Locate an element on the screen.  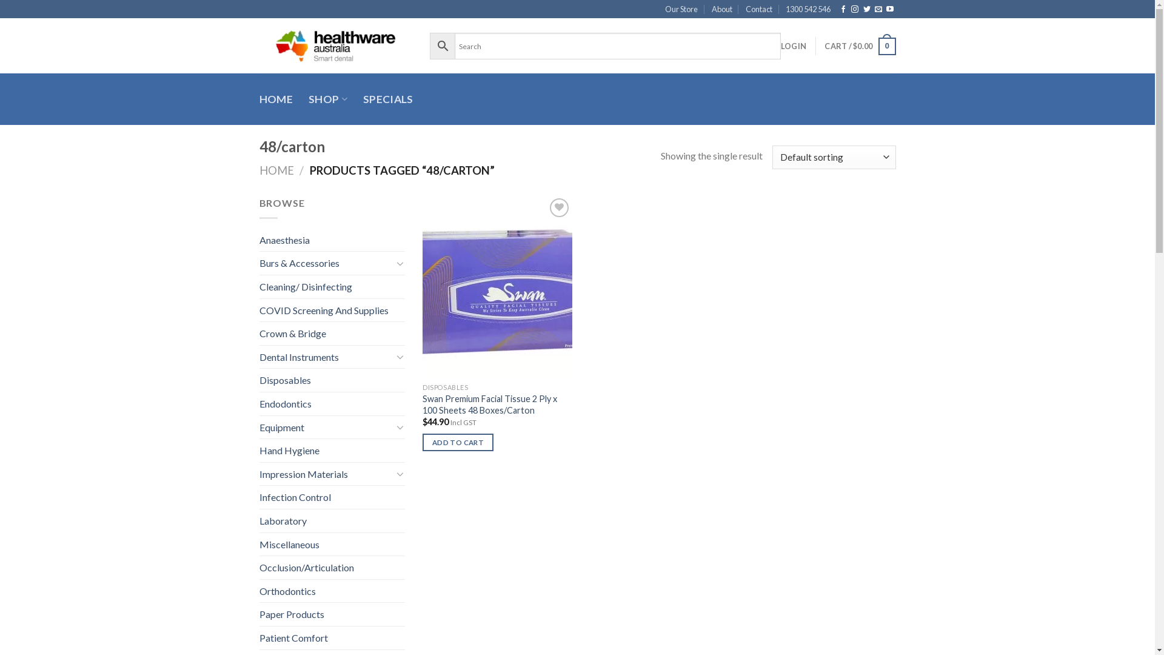
'Cleaning/ Disinfecting' is located at coordinates (332, 287).